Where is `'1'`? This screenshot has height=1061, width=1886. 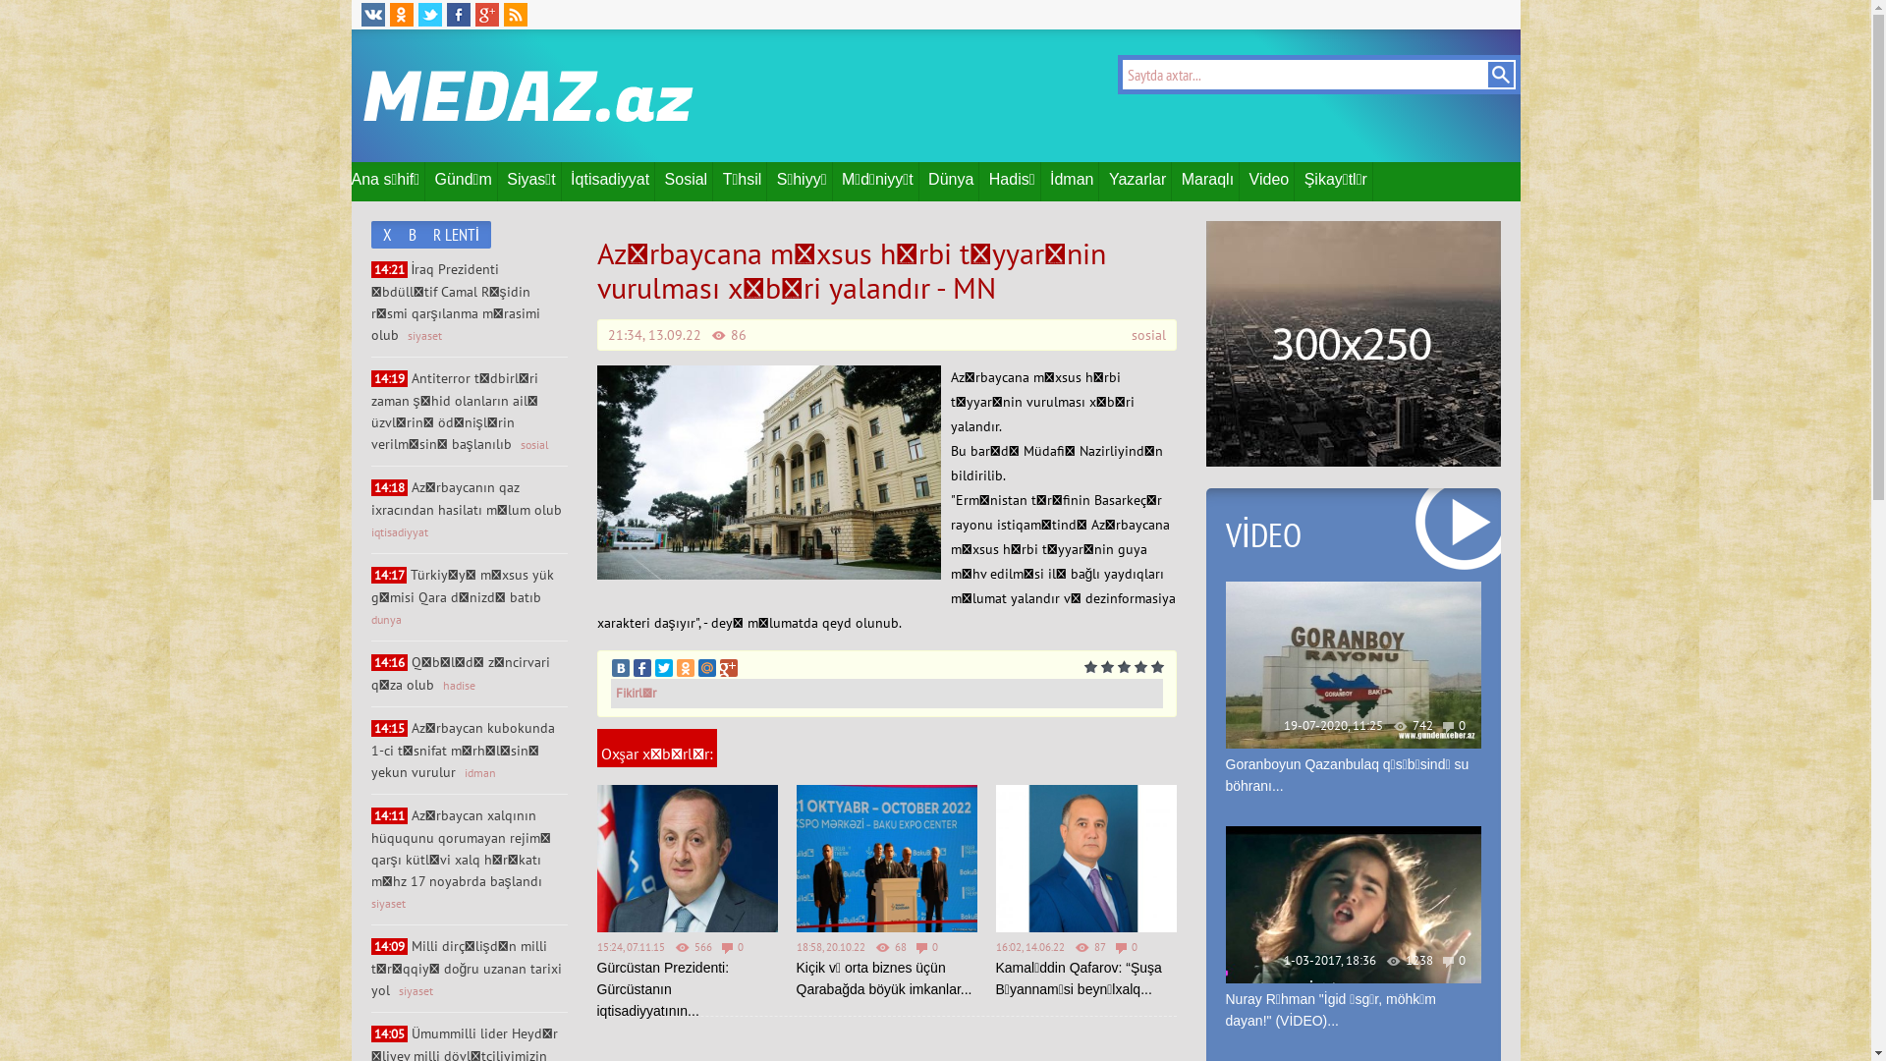
'1' is located at coordinates (1089, 666).